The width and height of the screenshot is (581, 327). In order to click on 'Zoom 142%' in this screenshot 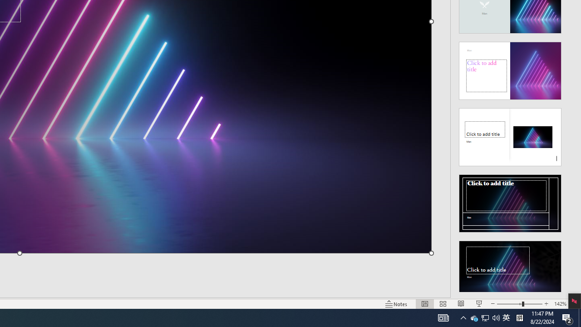, I will do `click(560, 304)`.